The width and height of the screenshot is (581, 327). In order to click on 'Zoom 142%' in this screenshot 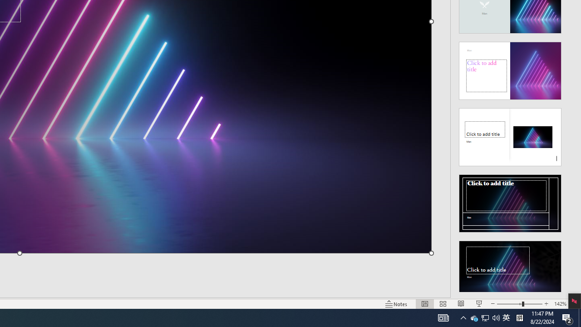, I will do `click(560, 304)`.